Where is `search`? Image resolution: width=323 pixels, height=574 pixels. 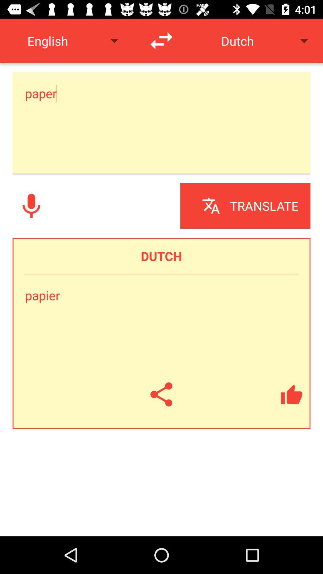 search is located at coordinates (31, 206).